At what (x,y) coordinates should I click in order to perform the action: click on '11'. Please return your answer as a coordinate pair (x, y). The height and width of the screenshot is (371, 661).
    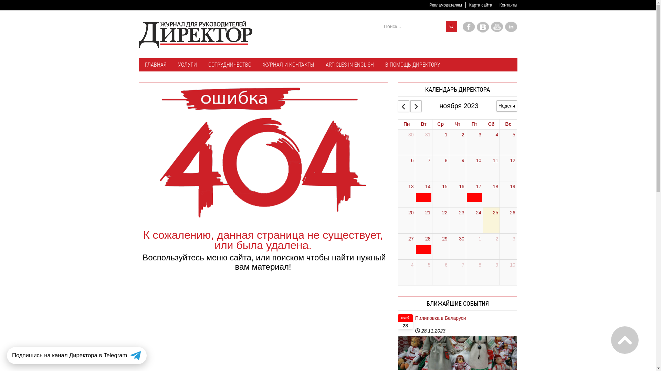
    Looking at the image, I should click on (496, 160).